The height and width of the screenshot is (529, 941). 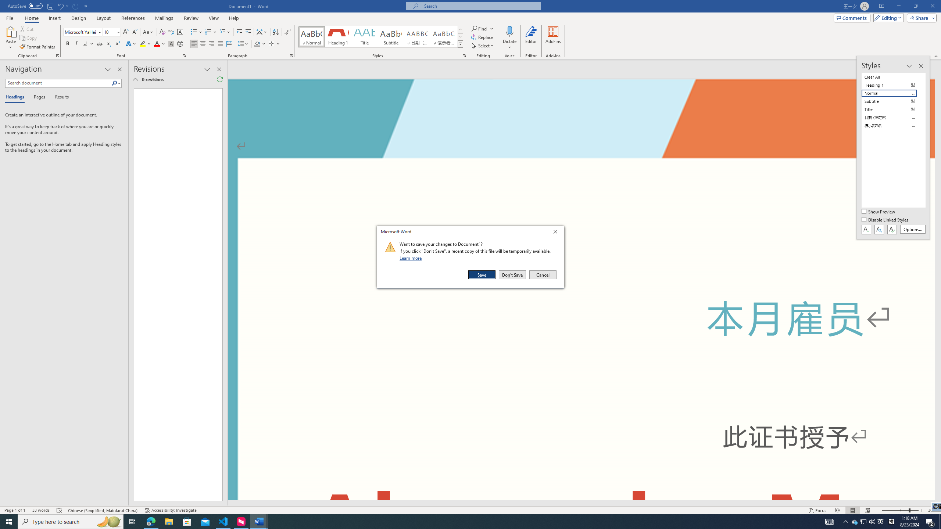 I want to click on 'Superscript', so click(x=117, y=43).